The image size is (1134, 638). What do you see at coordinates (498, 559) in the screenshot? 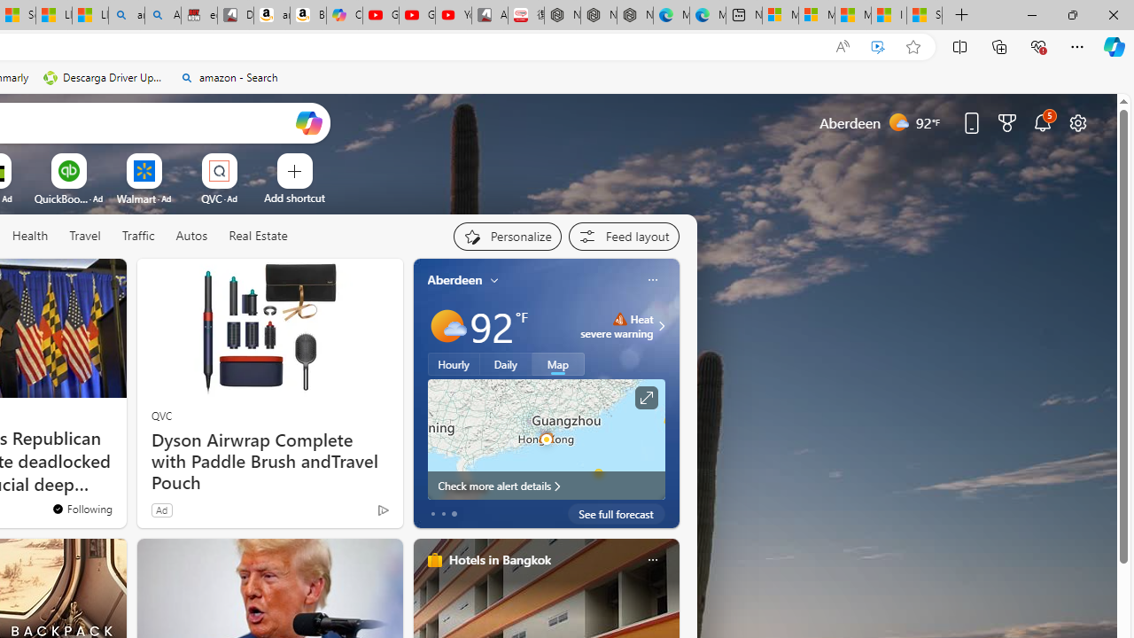
I see `'Hotels in Bangkok'` at bounding box center [498, 559].